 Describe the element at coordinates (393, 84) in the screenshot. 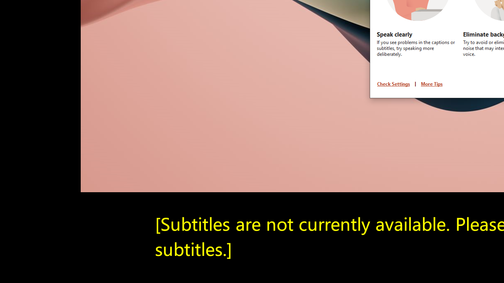

I see `'Check Settings'` at that location.